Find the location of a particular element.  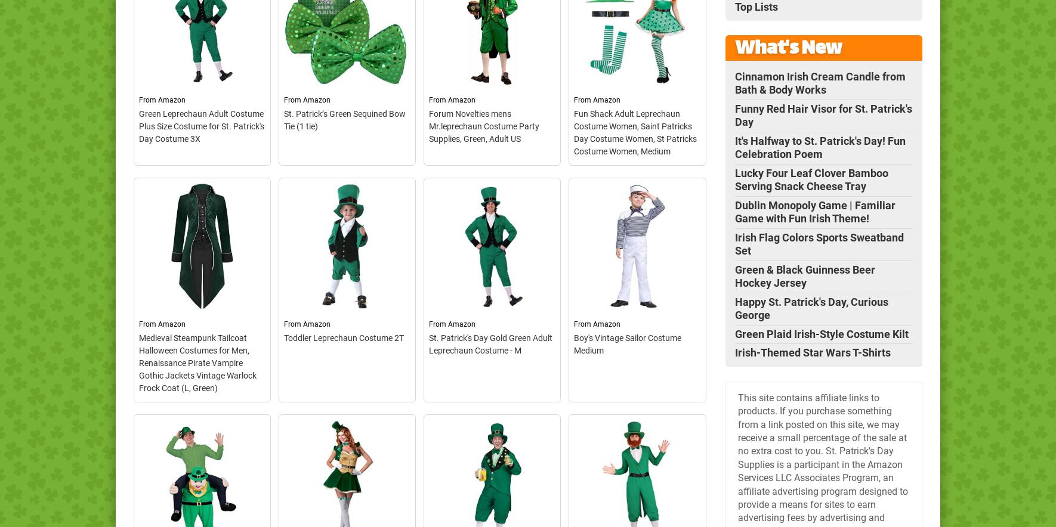

'Green Plaid Irish-Style Costume Kilt' is located at coordinates (821, 333).